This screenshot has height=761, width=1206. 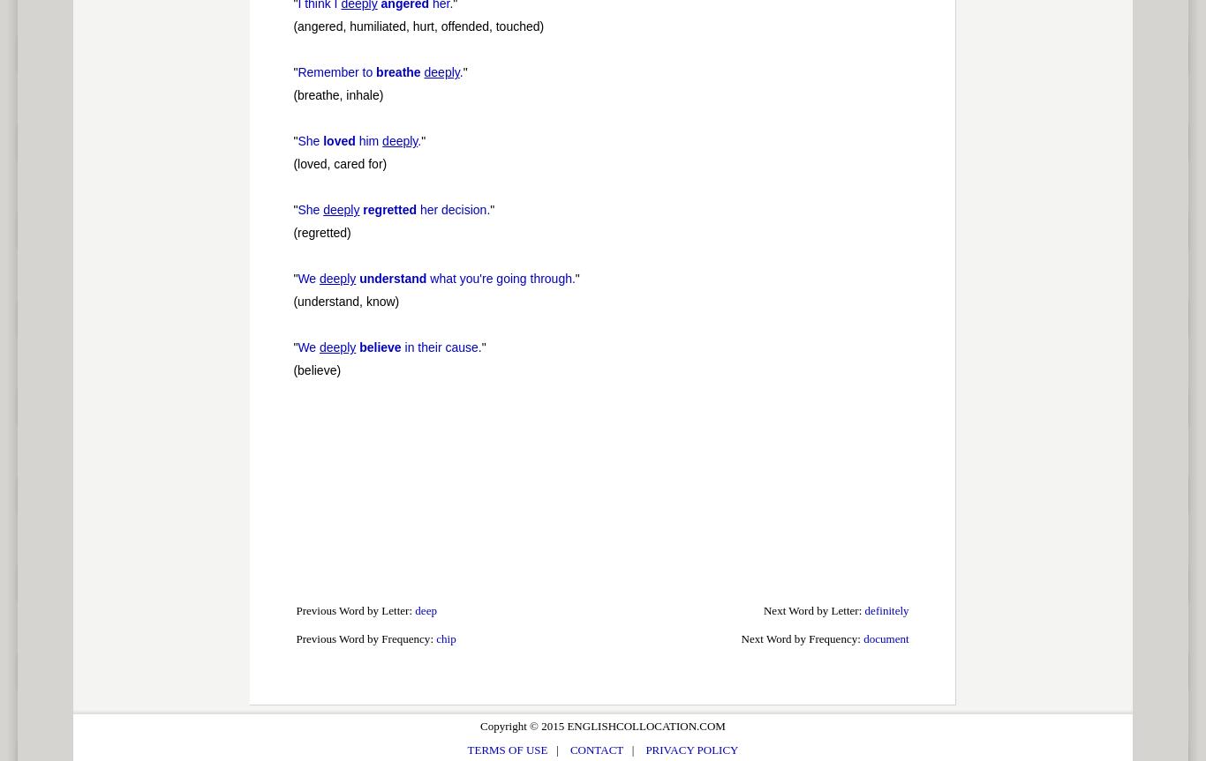 What do you see at coordinates (453, 210) in the screenshot?
I see `'her decision.'` at bounding box center [453, 210].